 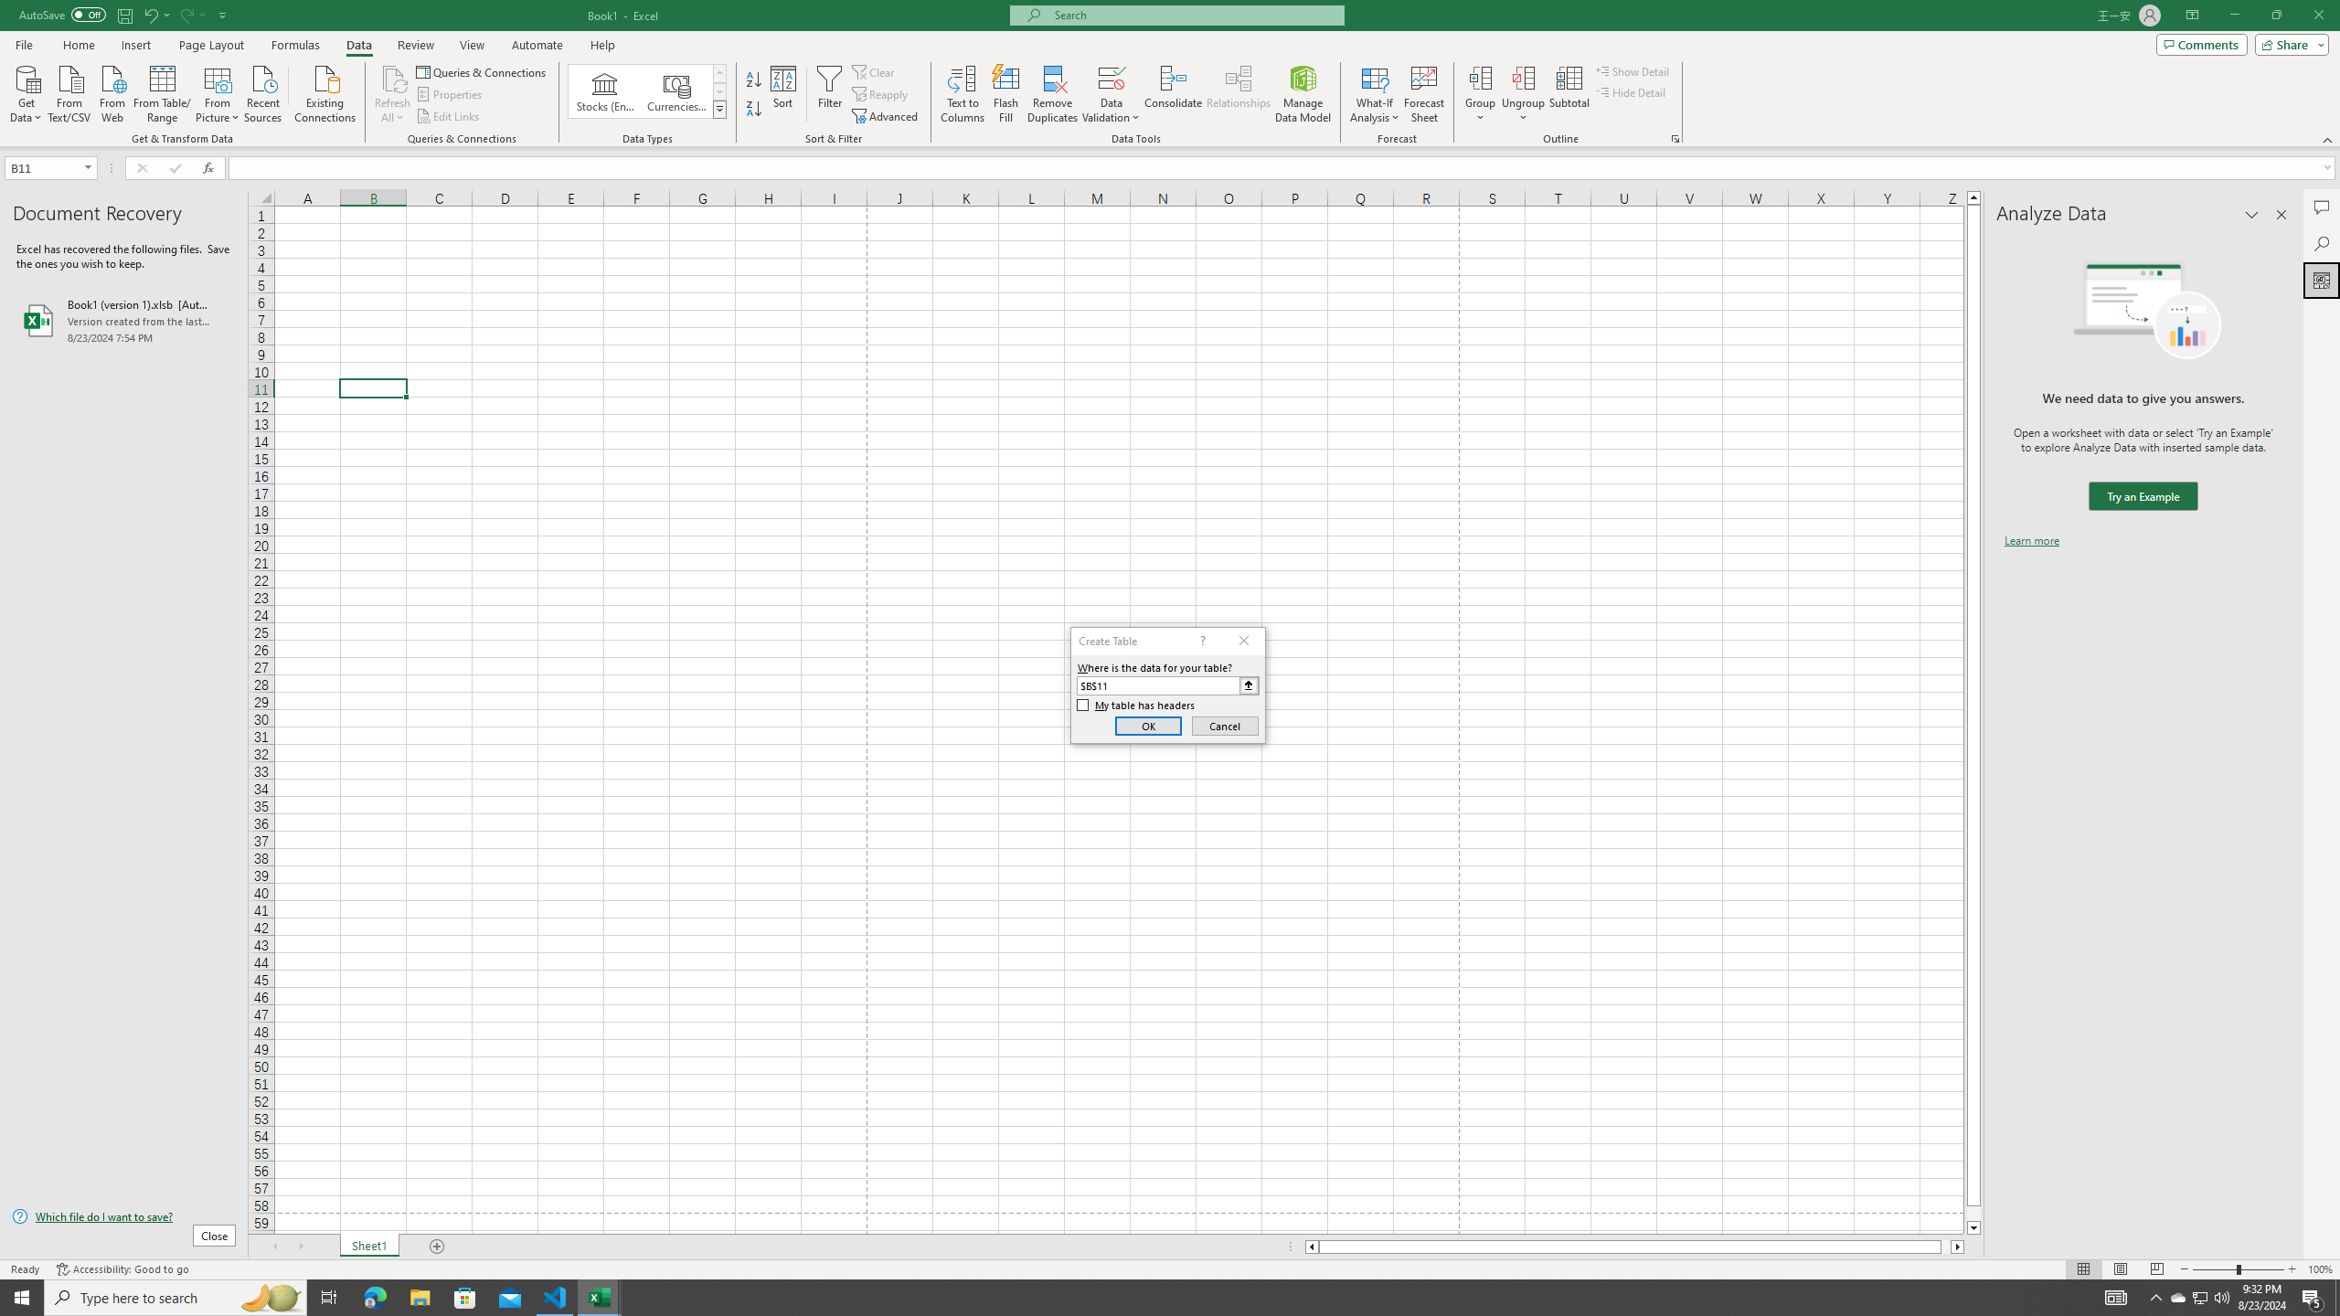 What do you see at coordinates (1173, 94) in the screenshot?
I see `'Consolidate...'` at bounding box center [1173, 94].